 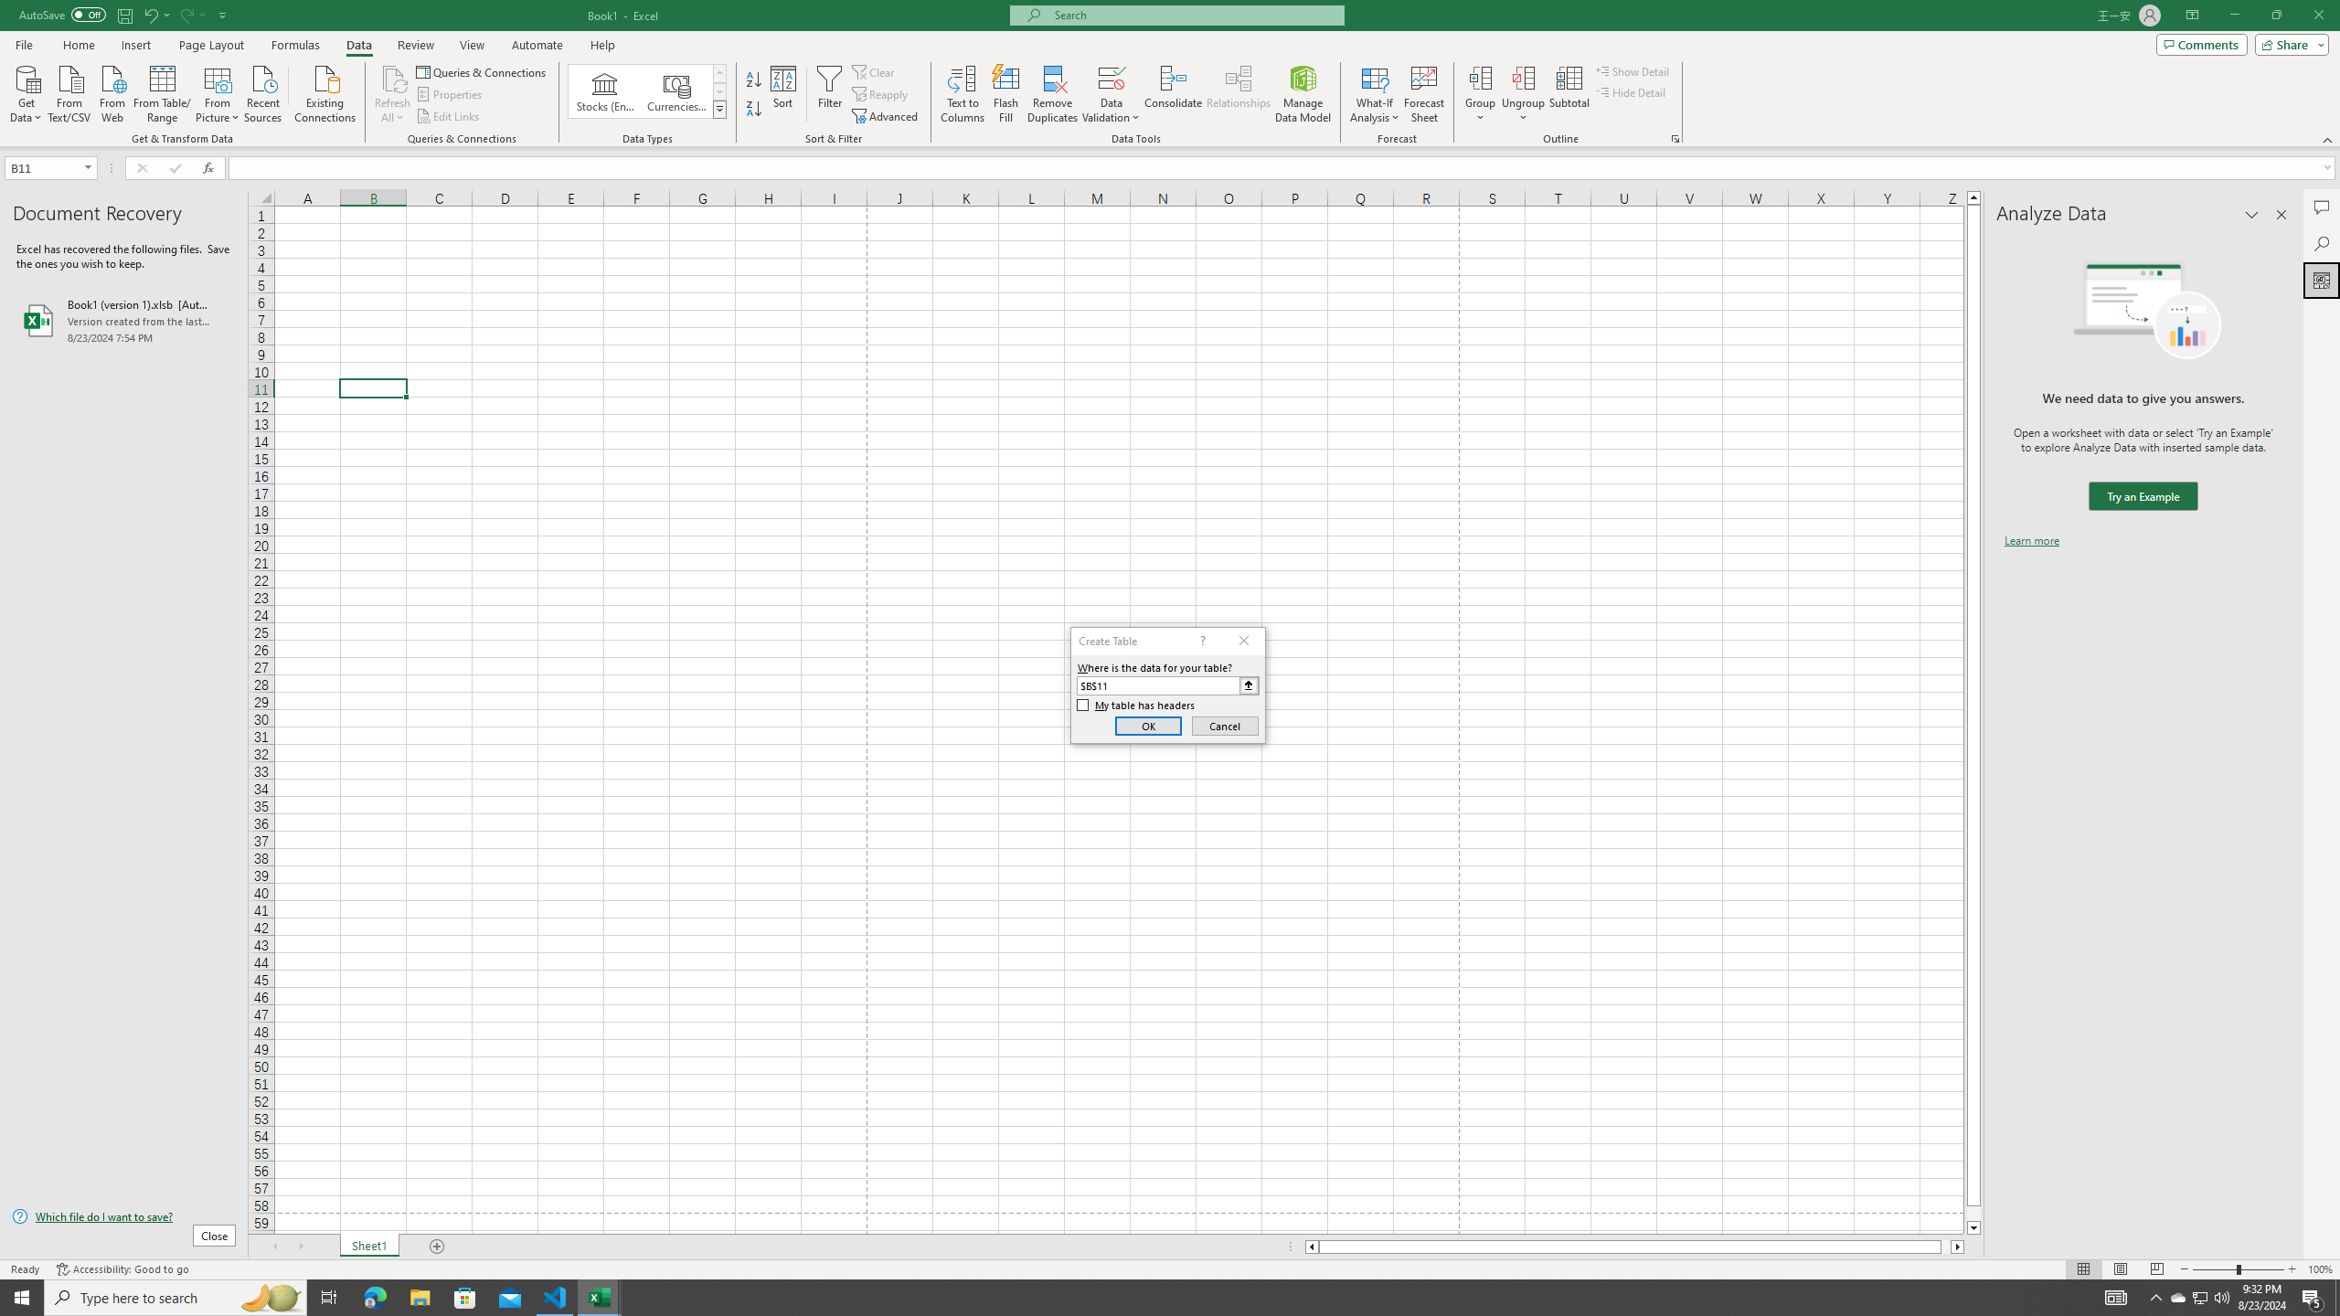 What do you see at coordinates (1173, 94) in the screenshot?
I see `'Consolidate...'` at bounding box center [1173, 94].